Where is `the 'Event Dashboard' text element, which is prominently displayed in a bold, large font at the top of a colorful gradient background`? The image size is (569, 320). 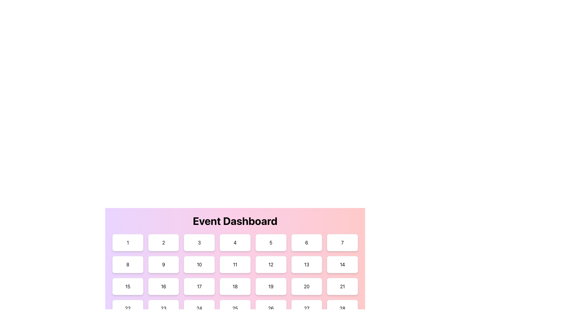 the 'Event Dashboard' text element, which is prominently displayed in a bold, large font at the top of a colorful gradient background is located at coordinates (235, 221).